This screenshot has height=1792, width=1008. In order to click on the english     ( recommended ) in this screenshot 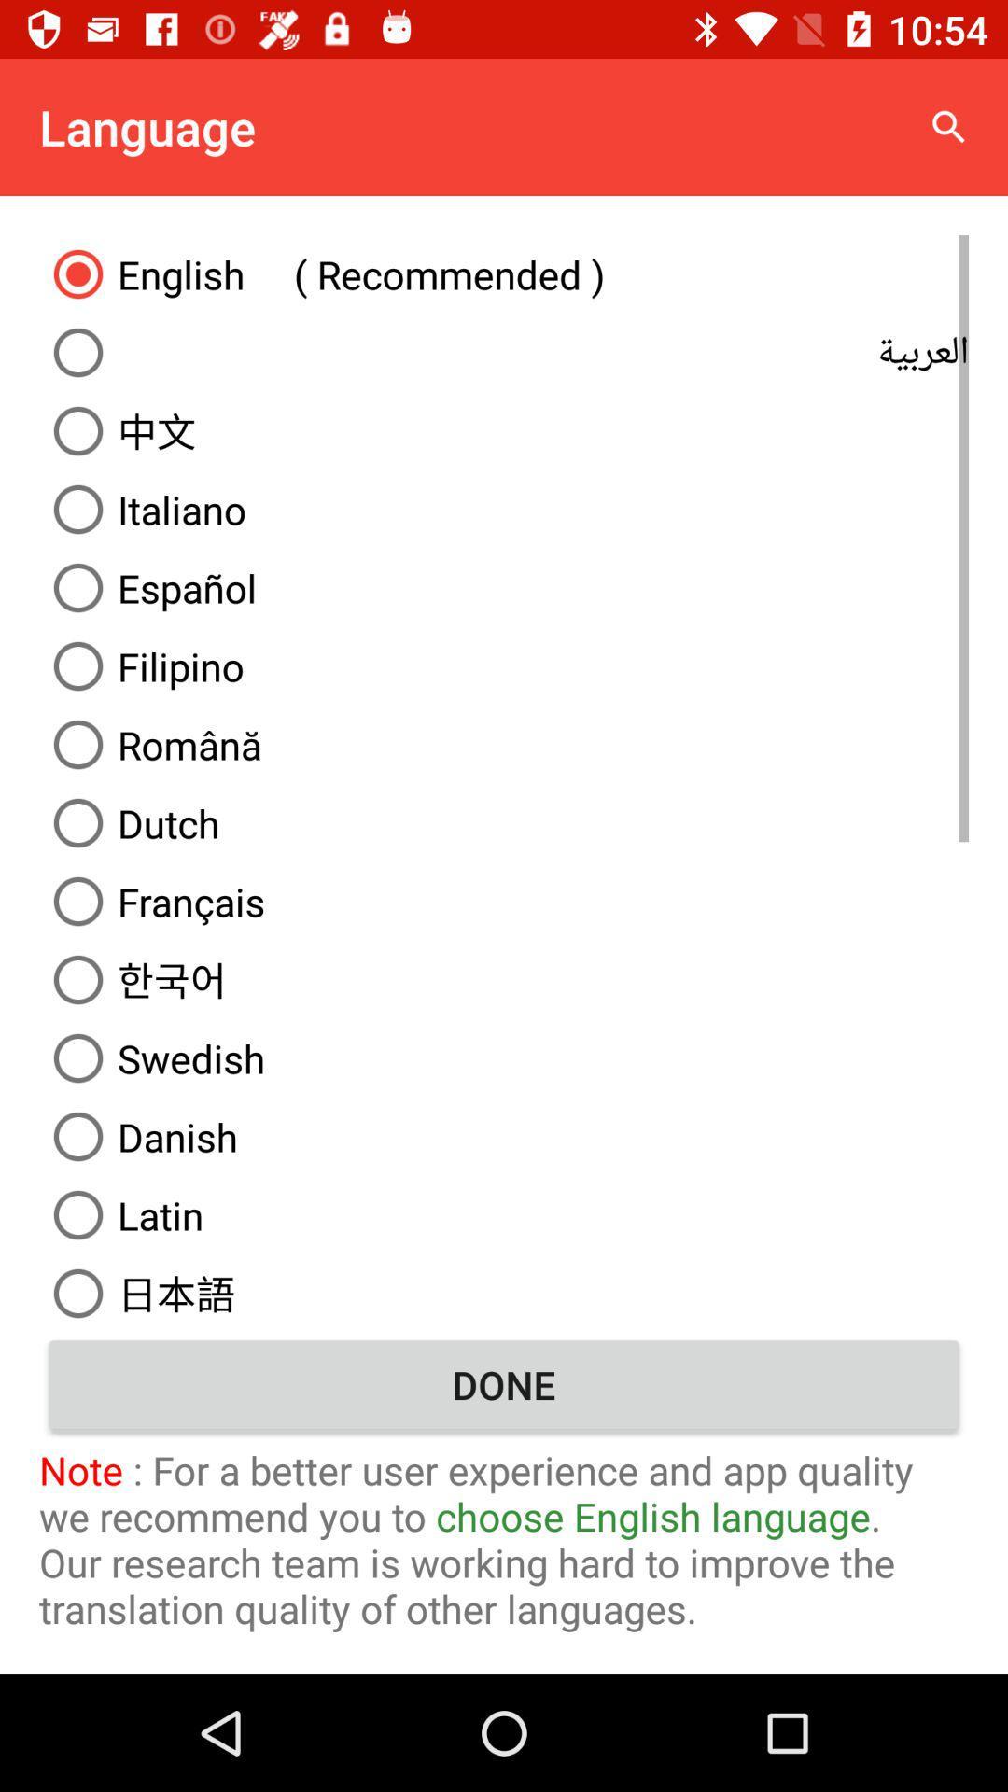, I will do `click(504, 273)`.